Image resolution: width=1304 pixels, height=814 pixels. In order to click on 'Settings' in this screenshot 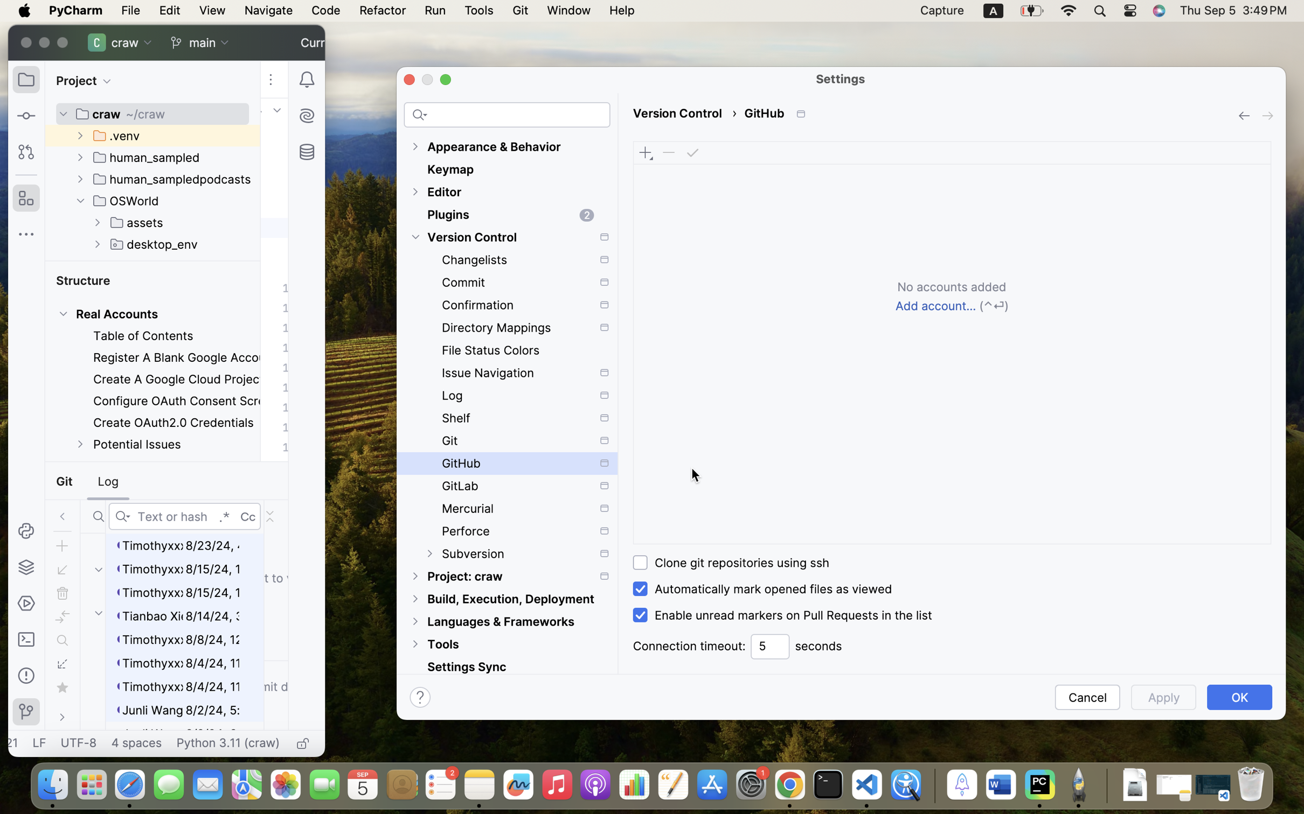, I will do `click(841, 78)`.